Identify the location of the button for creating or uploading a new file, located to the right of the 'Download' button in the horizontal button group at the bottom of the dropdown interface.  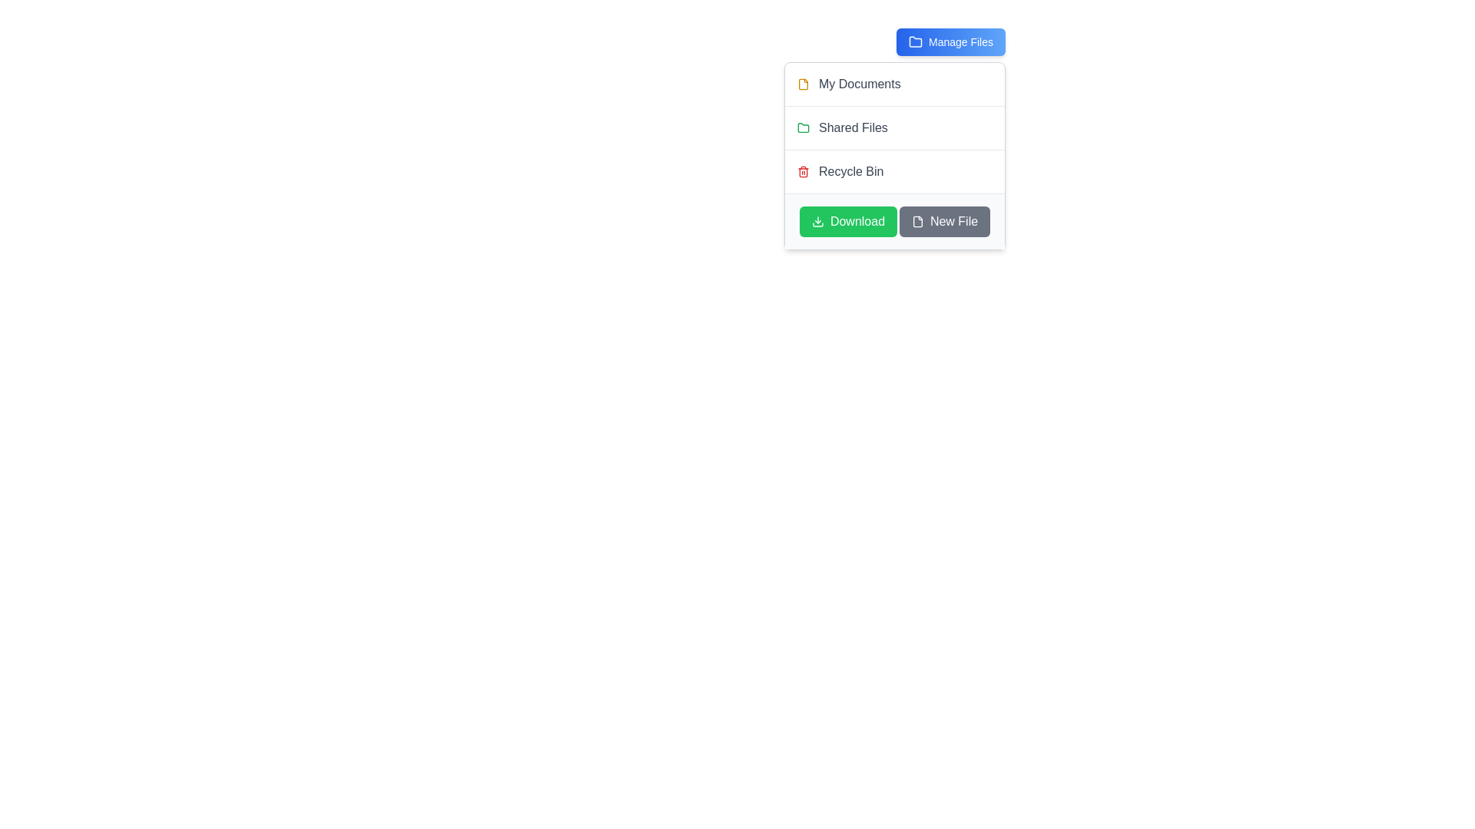
(943, 222).